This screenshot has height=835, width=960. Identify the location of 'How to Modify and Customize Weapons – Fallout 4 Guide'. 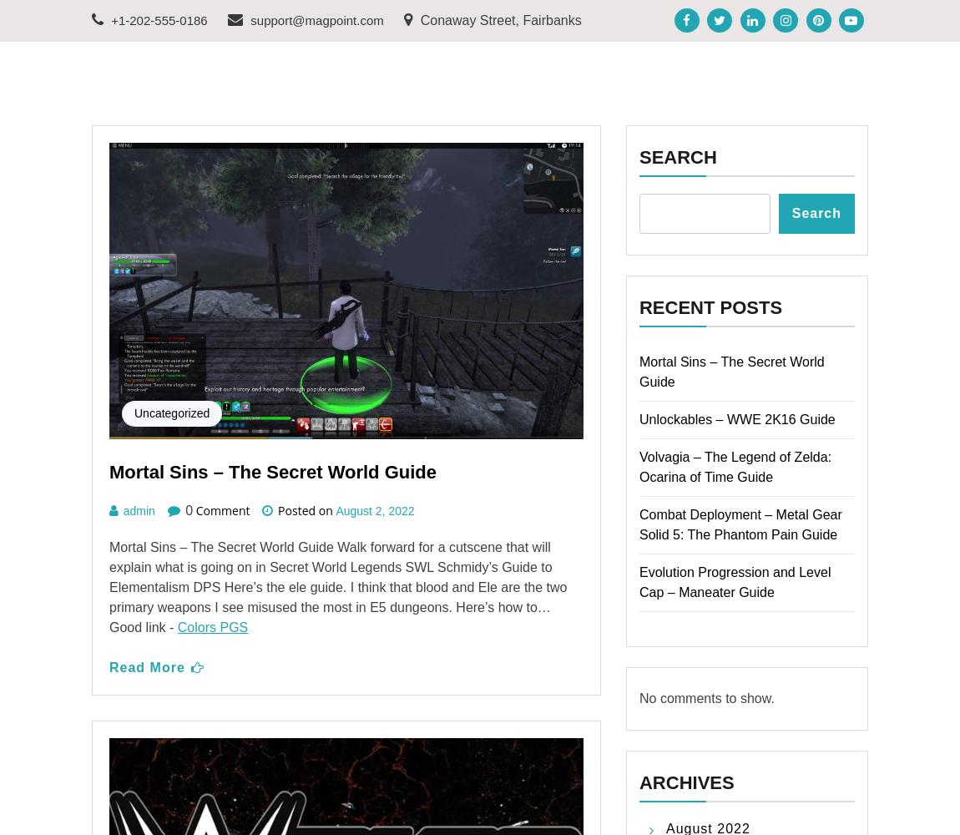
(331, 677).